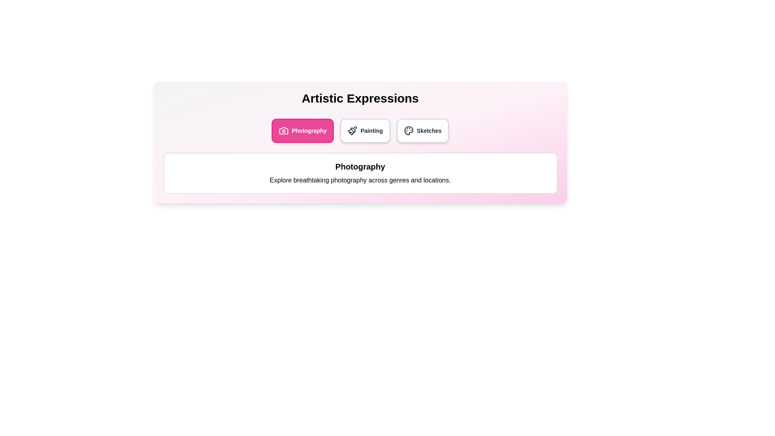 The width and height of the screenshot is (775, 436). Describe the element at coordinates (422, 130) in the screenshot. I see `the 'Sketches' tab to switch the active tab` at that location.